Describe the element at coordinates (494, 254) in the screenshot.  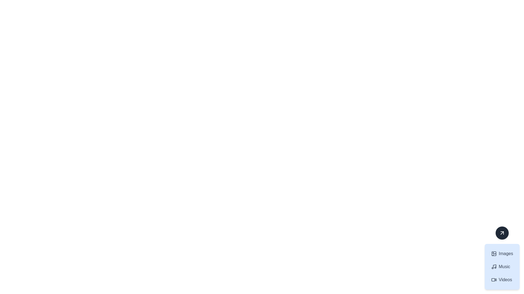
I see `the rectangular part of the SVG graphic representing the 'Images' option` at that location.